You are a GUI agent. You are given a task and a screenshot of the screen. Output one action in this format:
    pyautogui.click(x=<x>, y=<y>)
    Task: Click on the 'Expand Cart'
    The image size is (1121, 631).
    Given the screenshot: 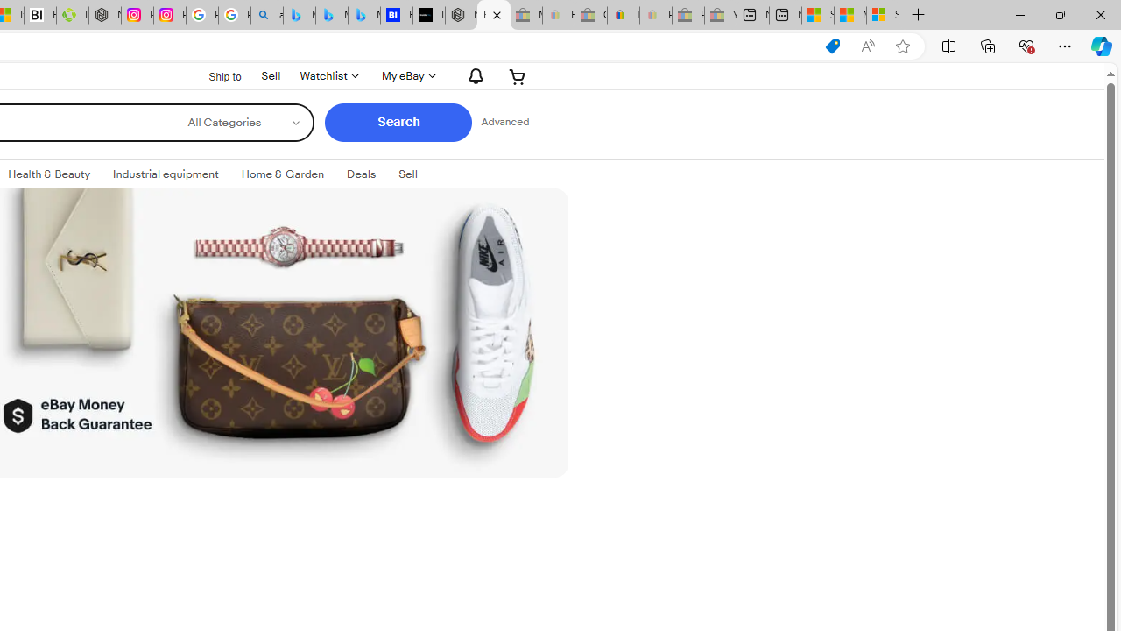 What is the action you would take?
    pyautogui.click(x=517, y=74)
    